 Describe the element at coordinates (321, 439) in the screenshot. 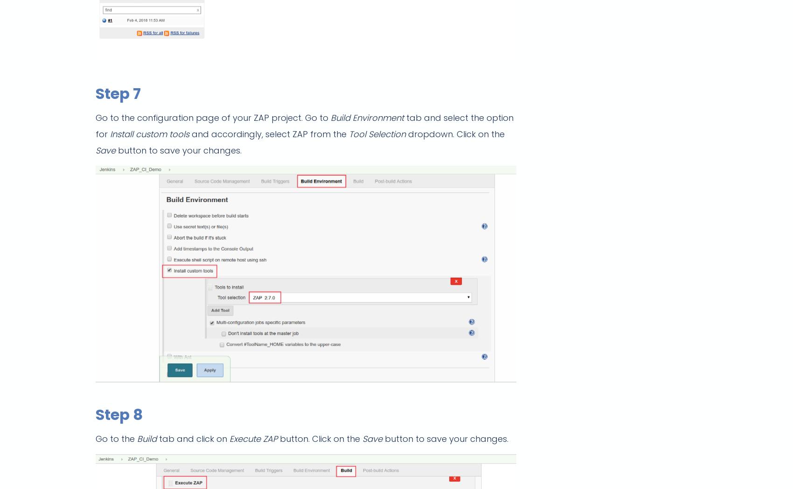

I see `'button. Click on the'` at that location.